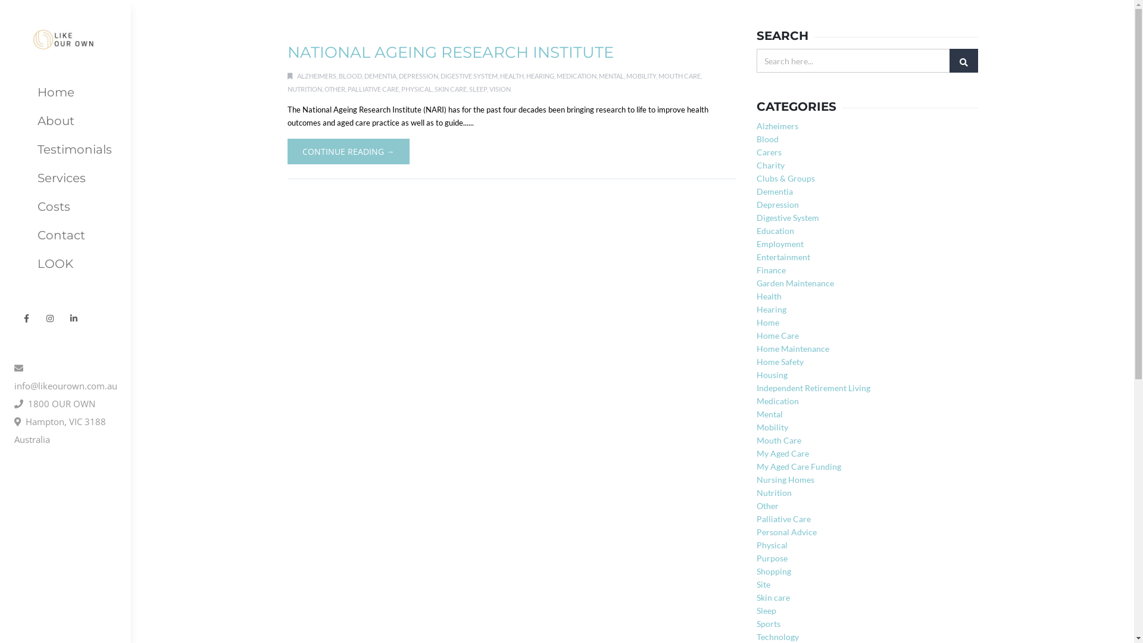 Image resolution: width=1143 pixels, height=643 pixels. Describe the element at coordinates (774, 570) in the screenshot. I see `'Shopping'` at that location.